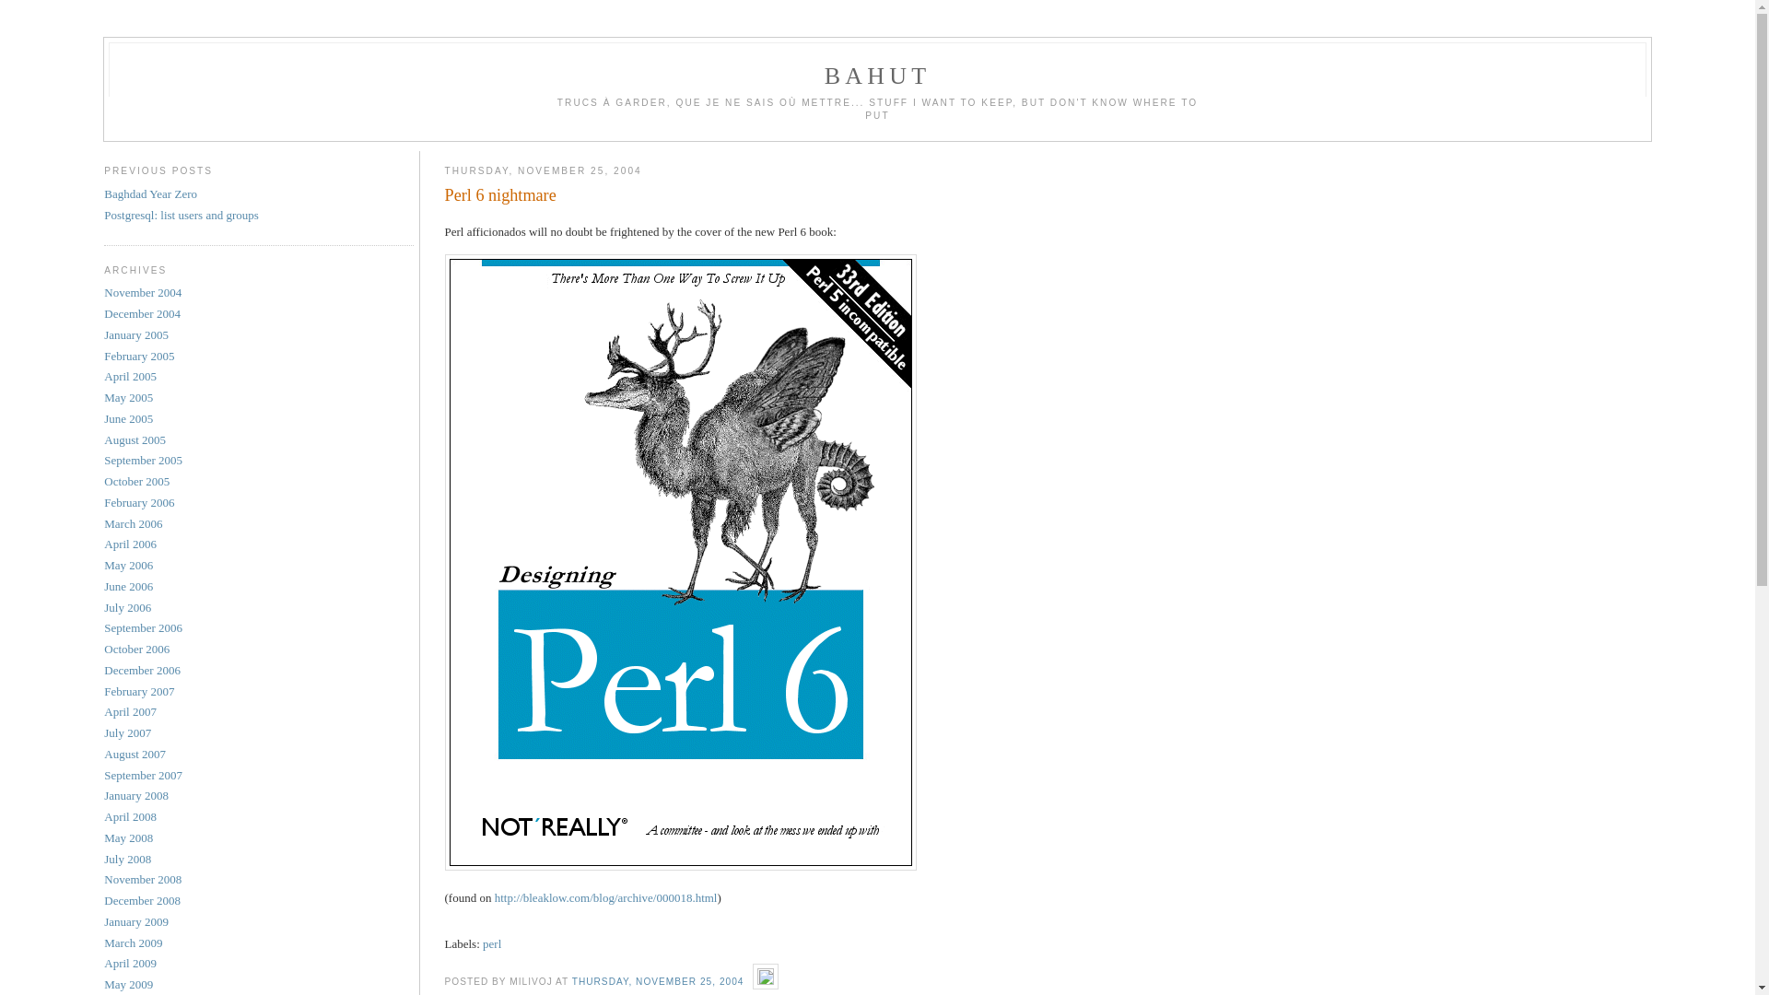  I want to click on 'January 2008', so click(135, 794).